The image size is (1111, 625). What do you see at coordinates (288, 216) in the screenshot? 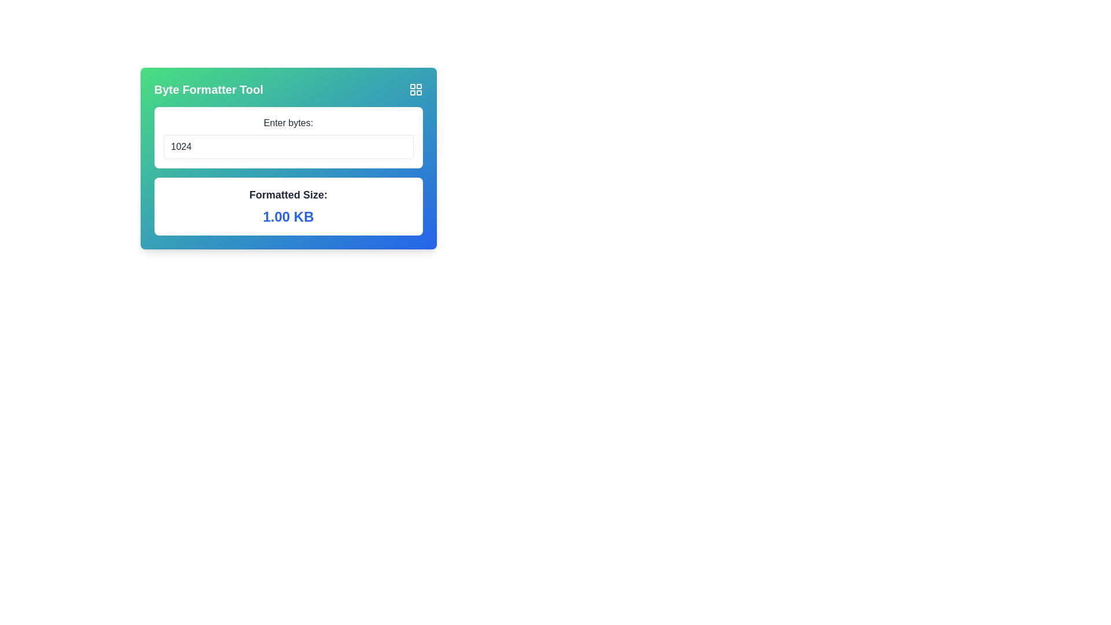
I see `the static text displaying '1.00 KB', which is styled prominently in bold, centered format, colored blue, located below 'Formatted Size:'` at bounding box center [288, 216].